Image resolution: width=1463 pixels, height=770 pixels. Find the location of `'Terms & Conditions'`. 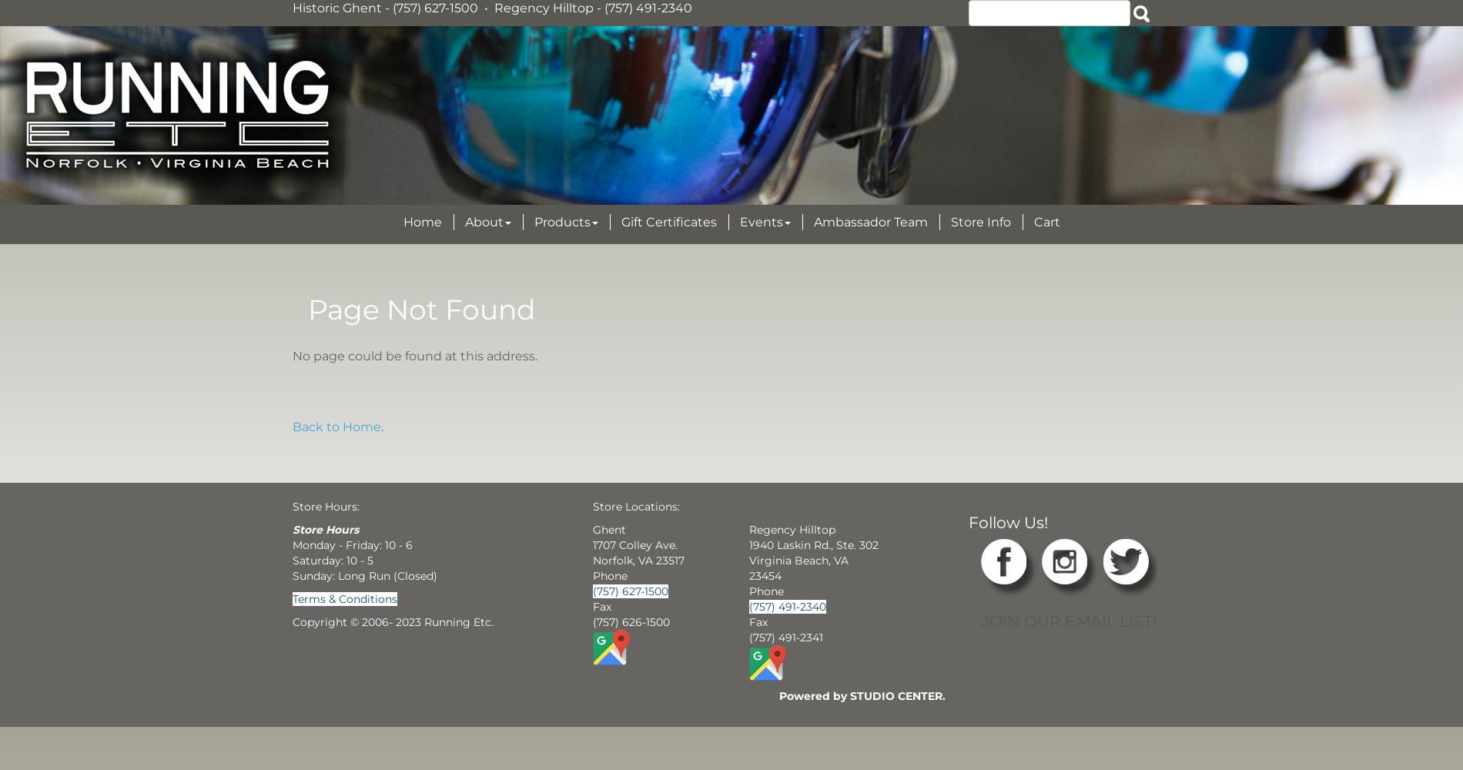

'Terms & Conditions' is located at coordinates (344, 598).